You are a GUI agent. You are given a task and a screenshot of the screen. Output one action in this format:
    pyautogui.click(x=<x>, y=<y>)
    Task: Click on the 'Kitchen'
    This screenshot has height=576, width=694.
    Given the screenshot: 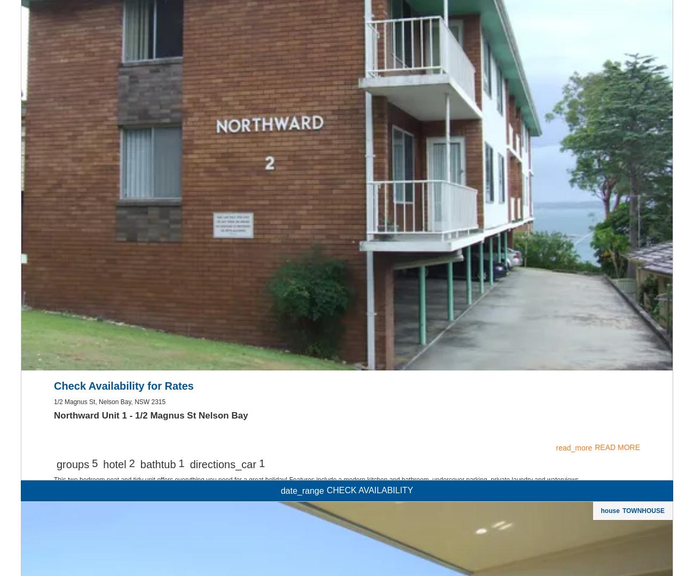 What is the action you would take?
    pyautogui.click(x=346, y=141)
    